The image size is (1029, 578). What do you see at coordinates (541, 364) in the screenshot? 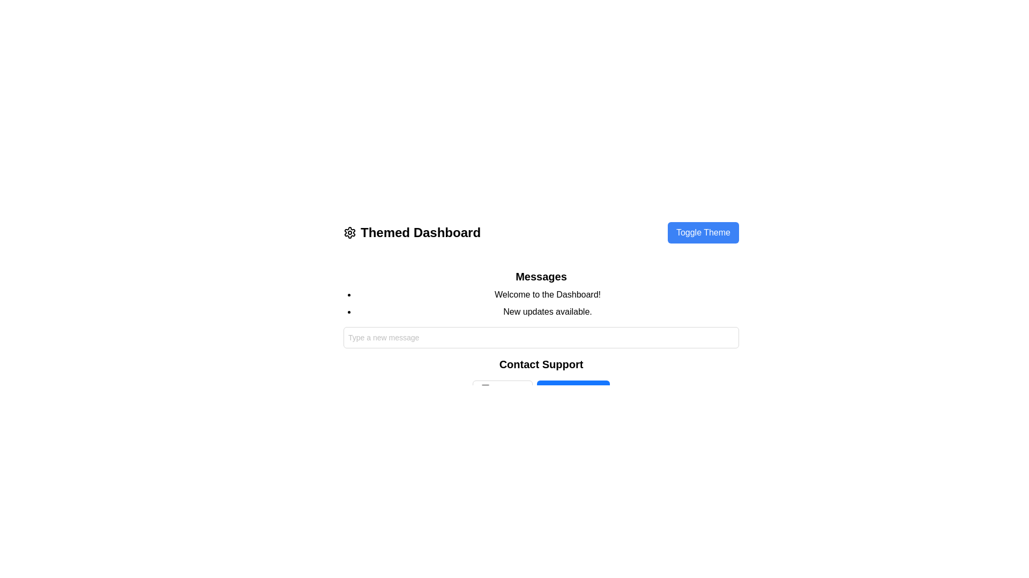
I see `the 'Contact Support' text label, which is a bold and prominent label positioned above the options 'Email Us' and 'Visit Help Center.'` at bounding box center [541, 364].